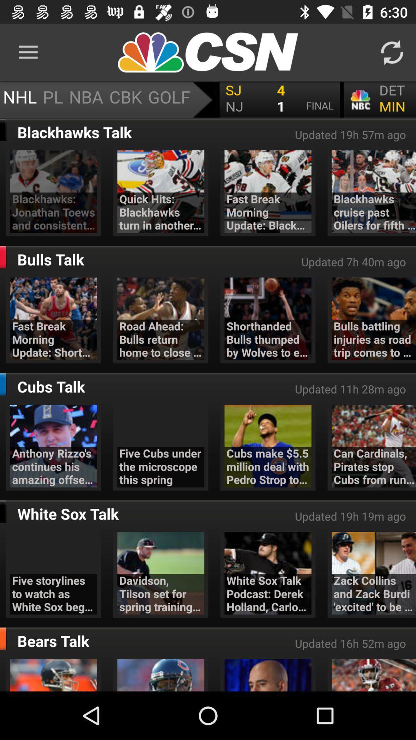  I want to click on open menu, so click(208, 99).